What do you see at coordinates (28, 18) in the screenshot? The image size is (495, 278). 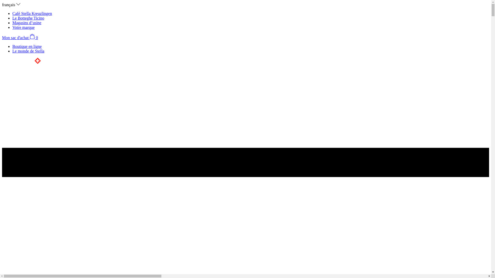 I see `'Le Botteghe Ticino'` at bounding box center [28, 18].